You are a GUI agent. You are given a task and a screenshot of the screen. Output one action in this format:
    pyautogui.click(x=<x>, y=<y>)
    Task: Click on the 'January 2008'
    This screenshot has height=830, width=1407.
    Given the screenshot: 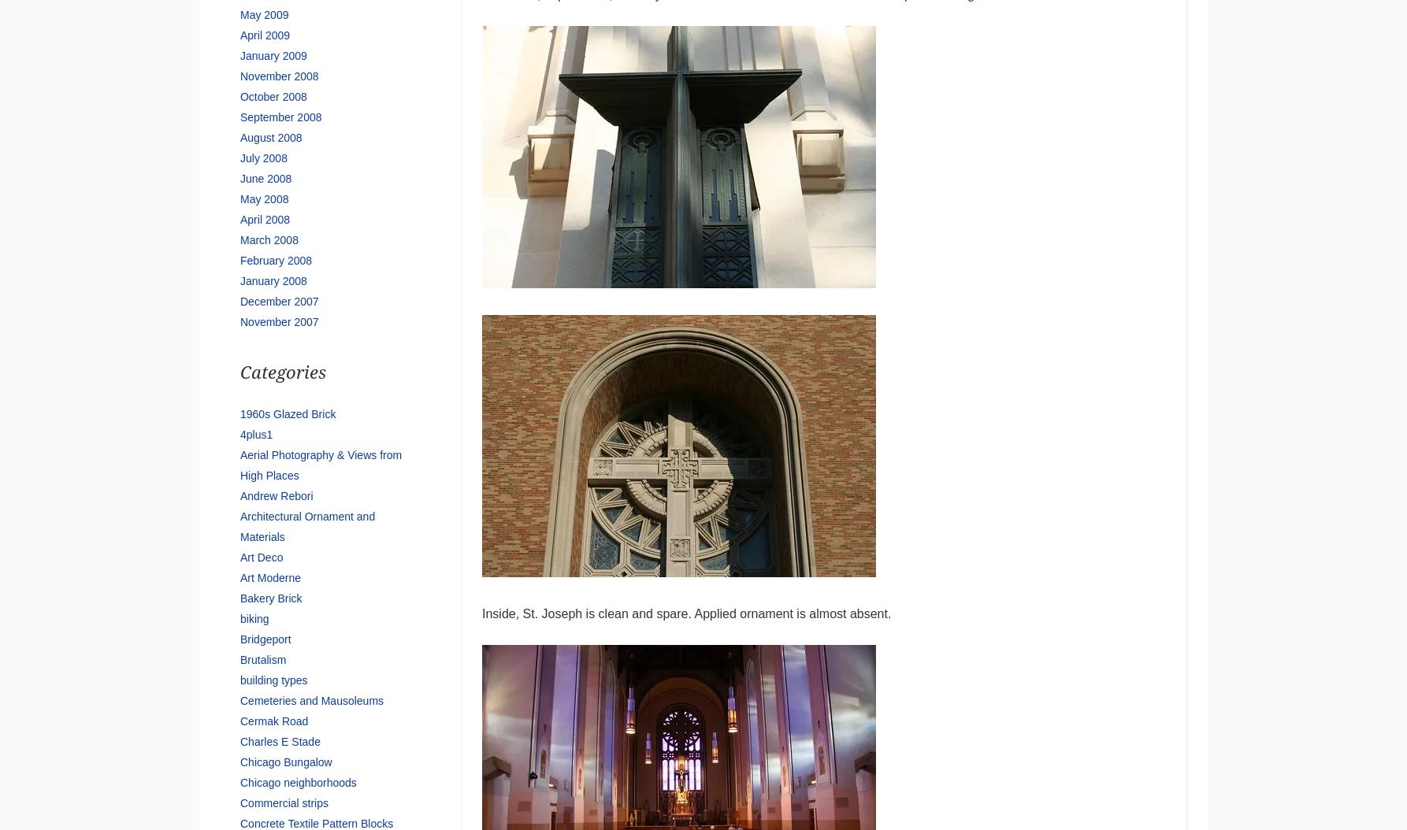 What is the action you would take?
    pyautogui.click(x=273, y=280)
    